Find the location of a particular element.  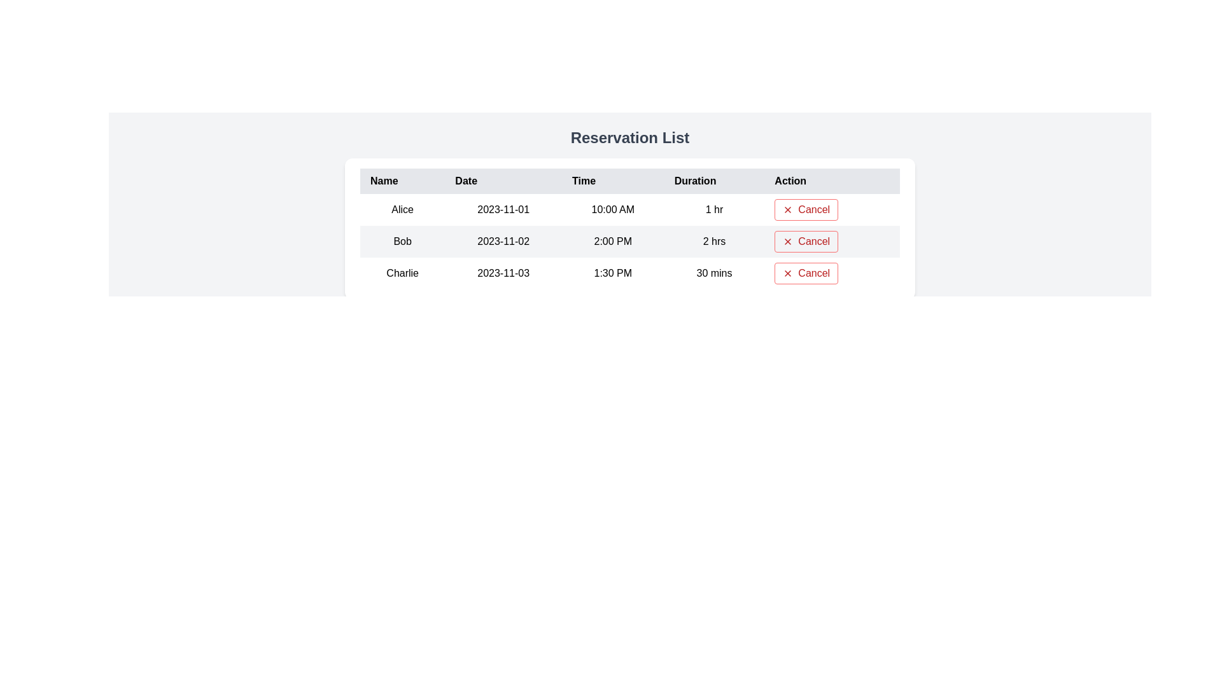

the text display showing '2 hrs' in the 'Duration' column for the entry corresponding to 'Bob' at '2:00 PM' is located at coordinates (714, 242).